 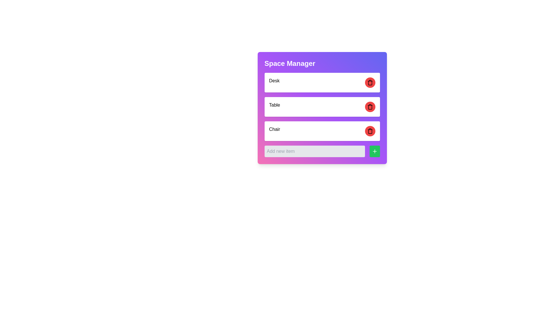 What do you see at coordinates (322, 131) in the screenshot?
I see `the List Item with Action that contains the text 'Chair' and a red circular trash icon, positioned as the third item in the list` at bounding box center [322, 131].